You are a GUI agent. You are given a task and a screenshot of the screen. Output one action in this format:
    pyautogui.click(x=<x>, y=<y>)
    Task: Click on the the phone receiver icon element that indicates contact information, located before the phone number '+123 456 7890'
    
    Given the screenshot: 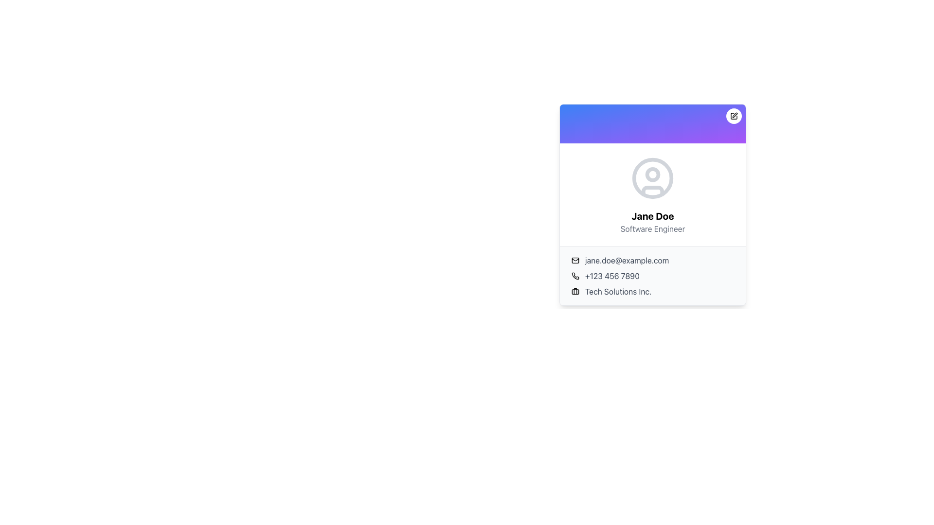 What is the action you would take?
    pyautogui.click(x=575, y=276)
    